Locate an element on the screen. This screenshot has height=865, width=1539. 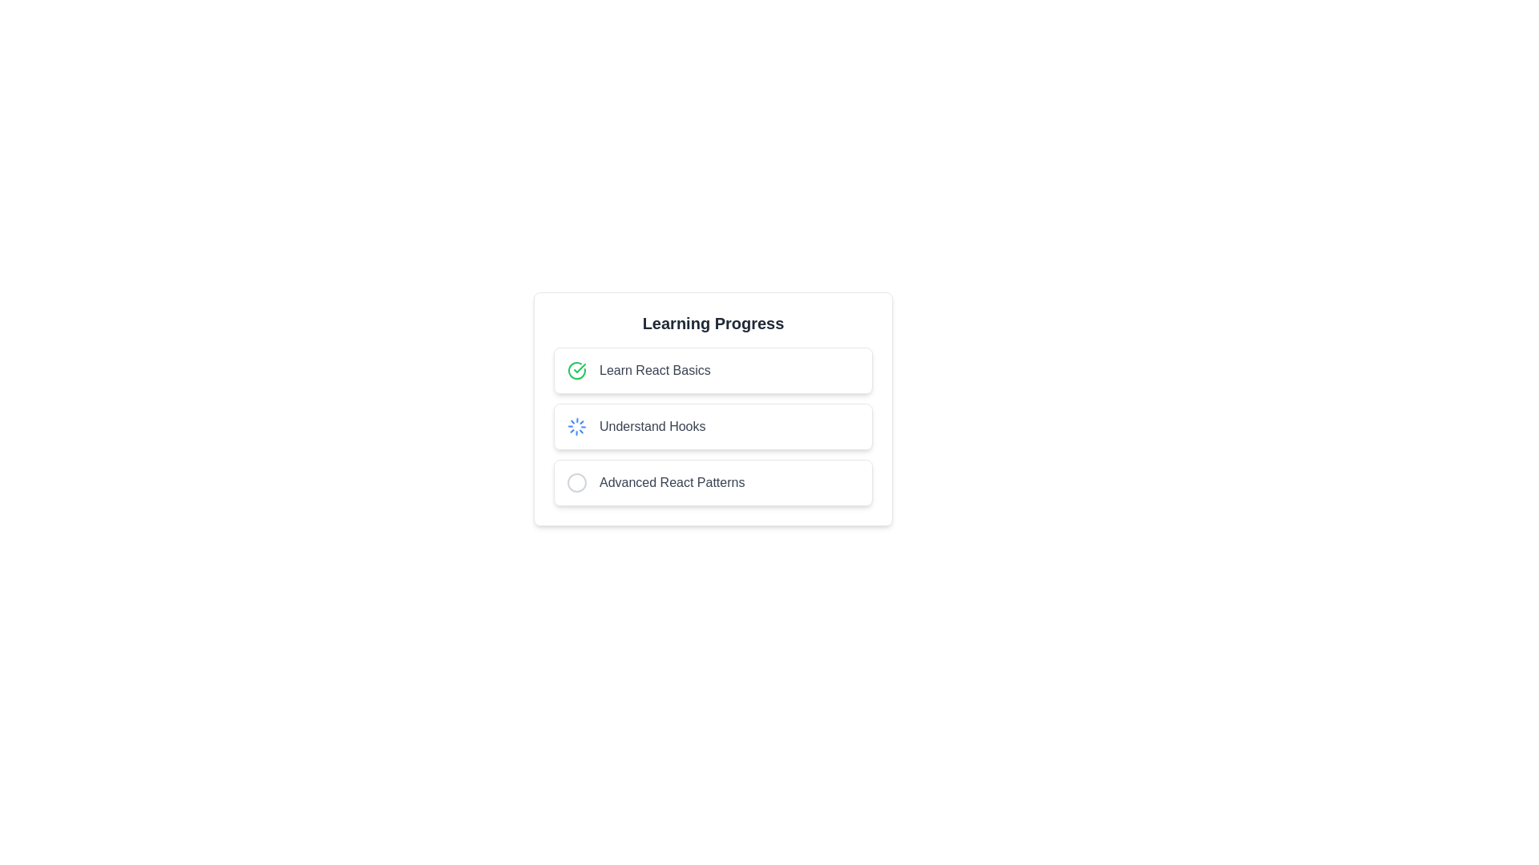
text label displaying 'Understand Hooks', which is the second item in a vertical list of learning progress modules, located below 'Learn React Basics' and above 'Advanced React Patterns' is located at coordinates (652, 425).